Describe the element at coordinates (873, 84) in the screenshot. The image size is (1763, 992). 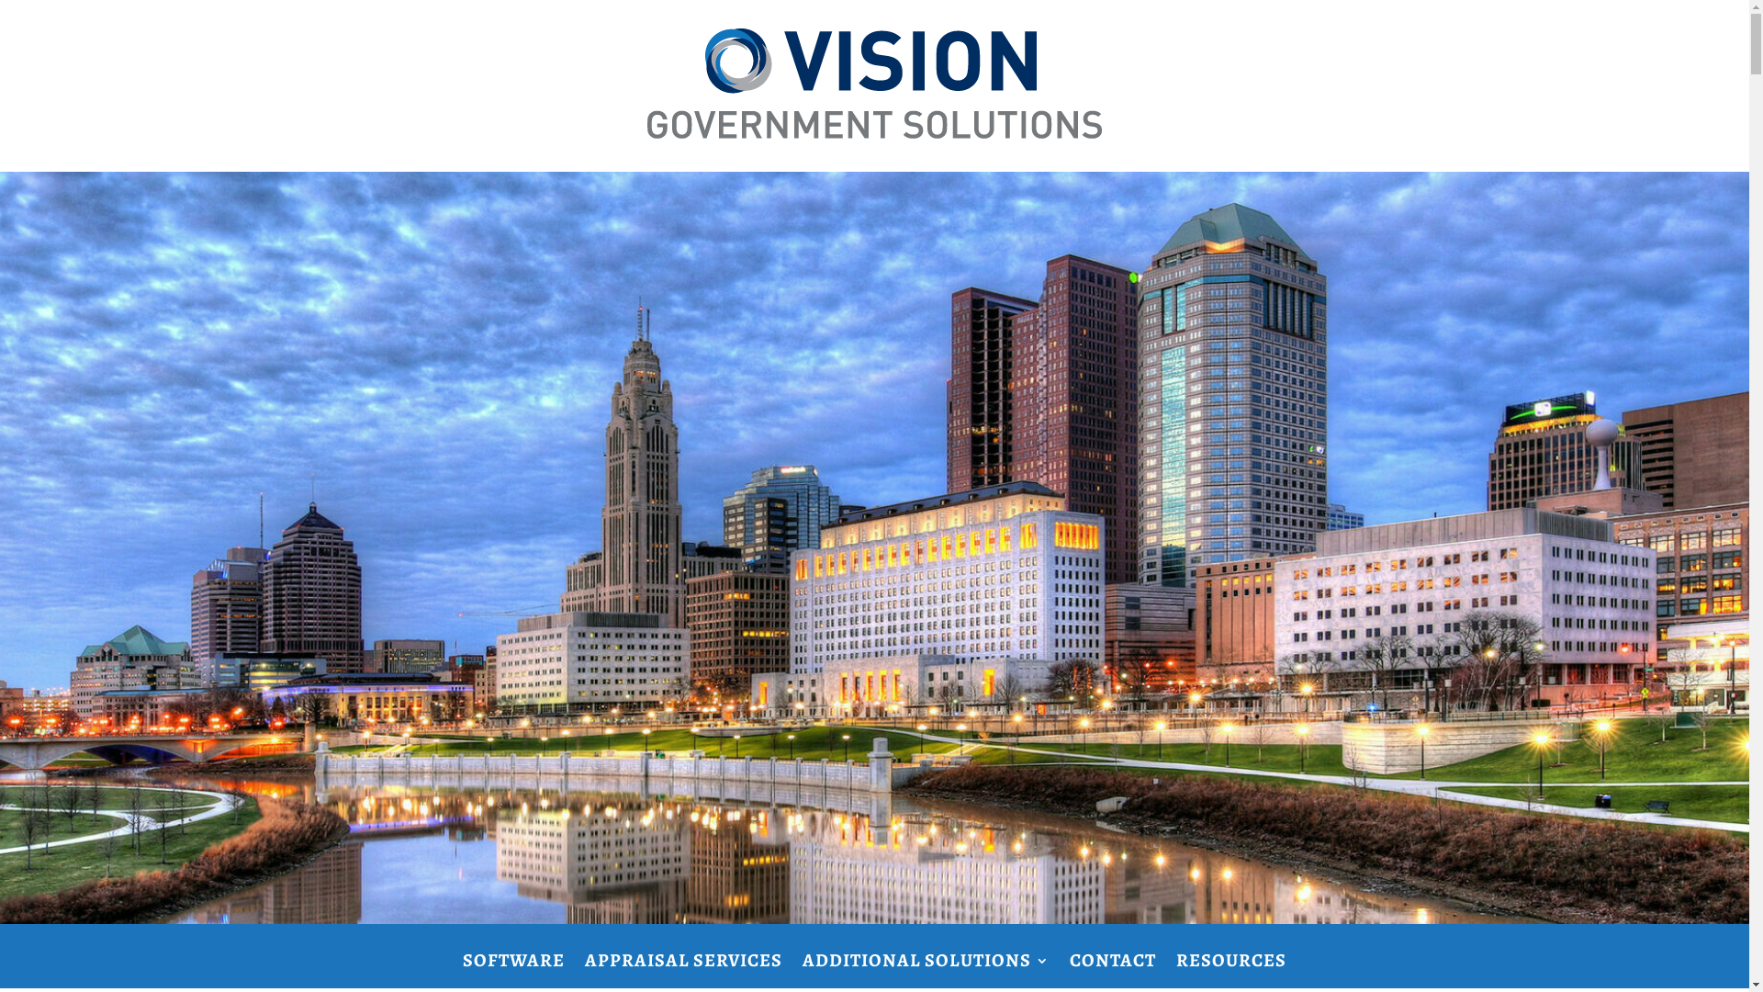
I see `'Vision Logo - FULL COLOR FOR LIGHT BACKGROUNDS'` at that location.